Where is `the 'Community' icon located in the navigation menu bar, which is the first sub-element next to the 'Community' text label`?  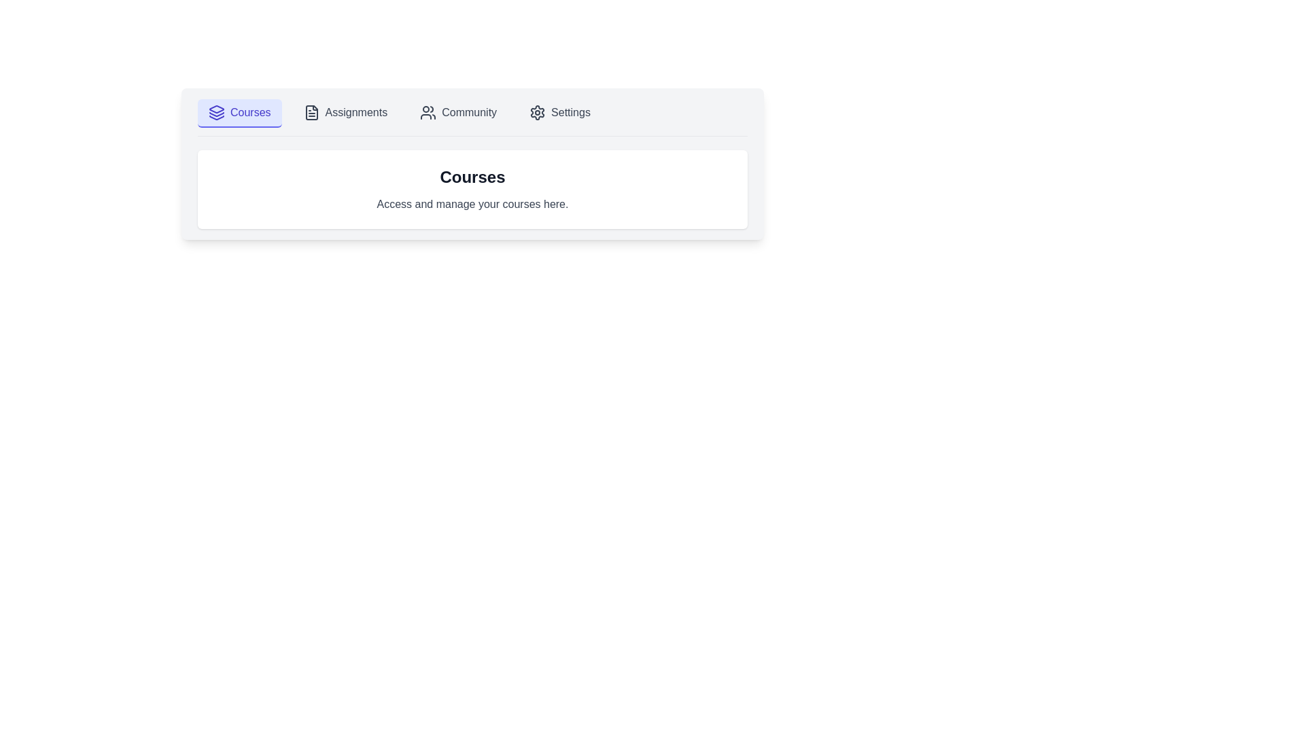
the 'Community' icon located in the navigation menu bar, which is the first sub-element next to the 'Community' text label is located at coordinates (428, 111).